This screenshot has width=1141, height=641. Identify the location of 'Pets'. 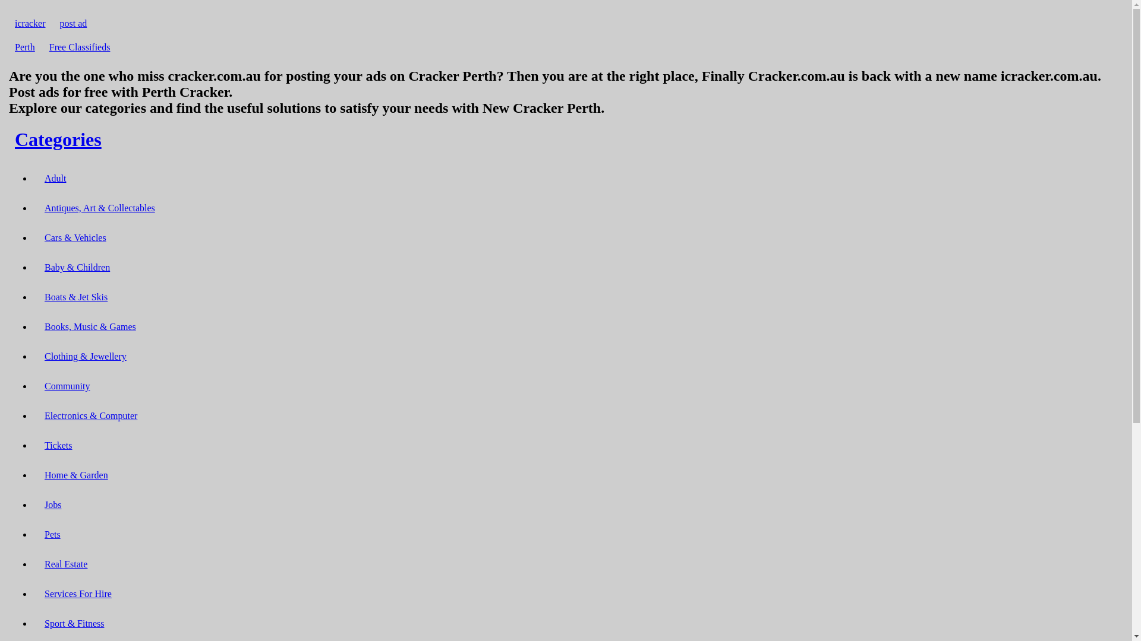
(52, 534).